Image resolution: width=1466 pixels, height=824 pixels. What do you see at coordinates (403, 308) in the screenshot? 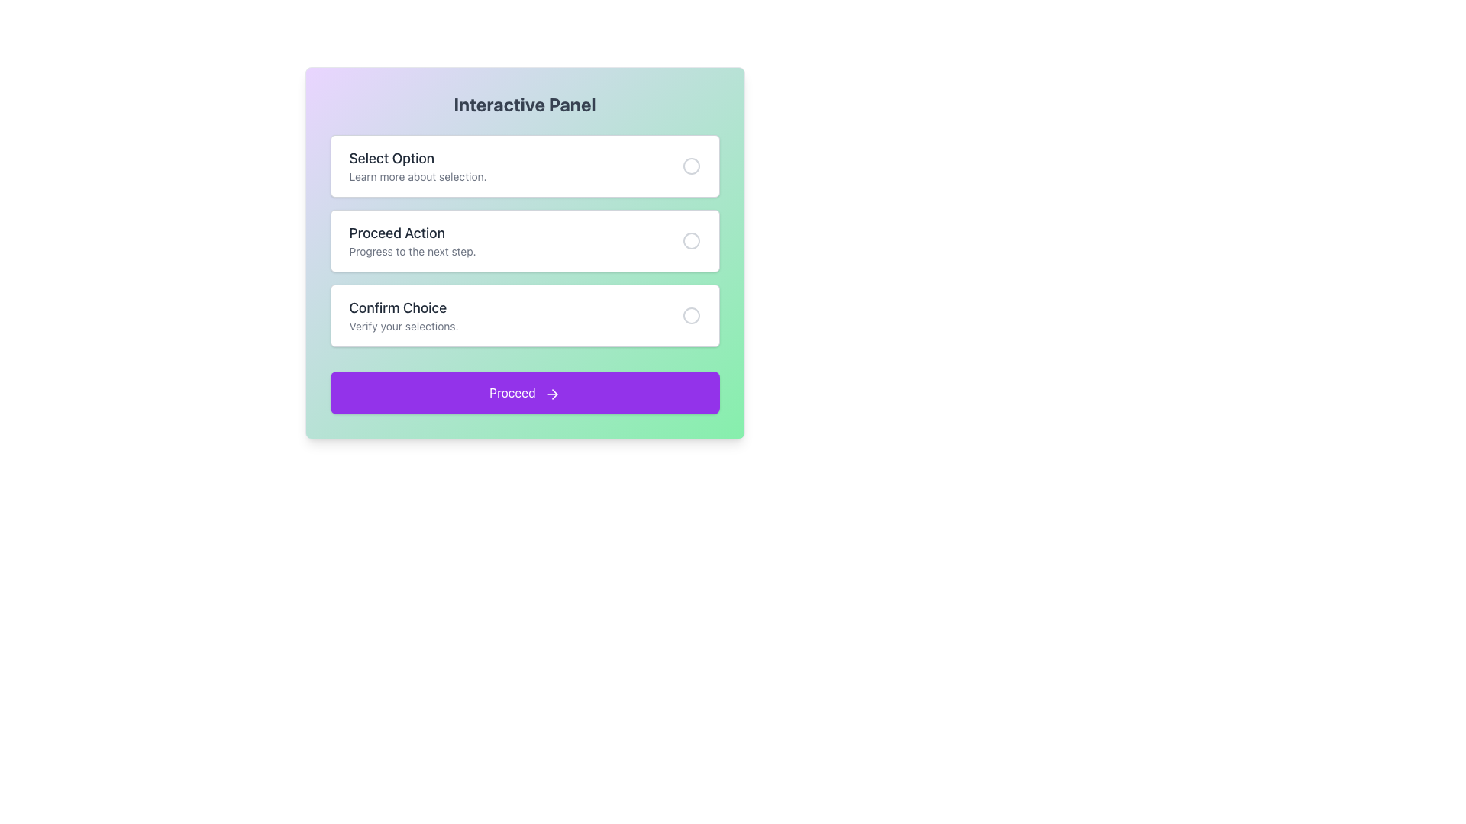
I see `the Text Label that indicates the third selection option, positioned between 'Proceed Action' and 'Verify your selections.'` at bounding box center [403, 308].